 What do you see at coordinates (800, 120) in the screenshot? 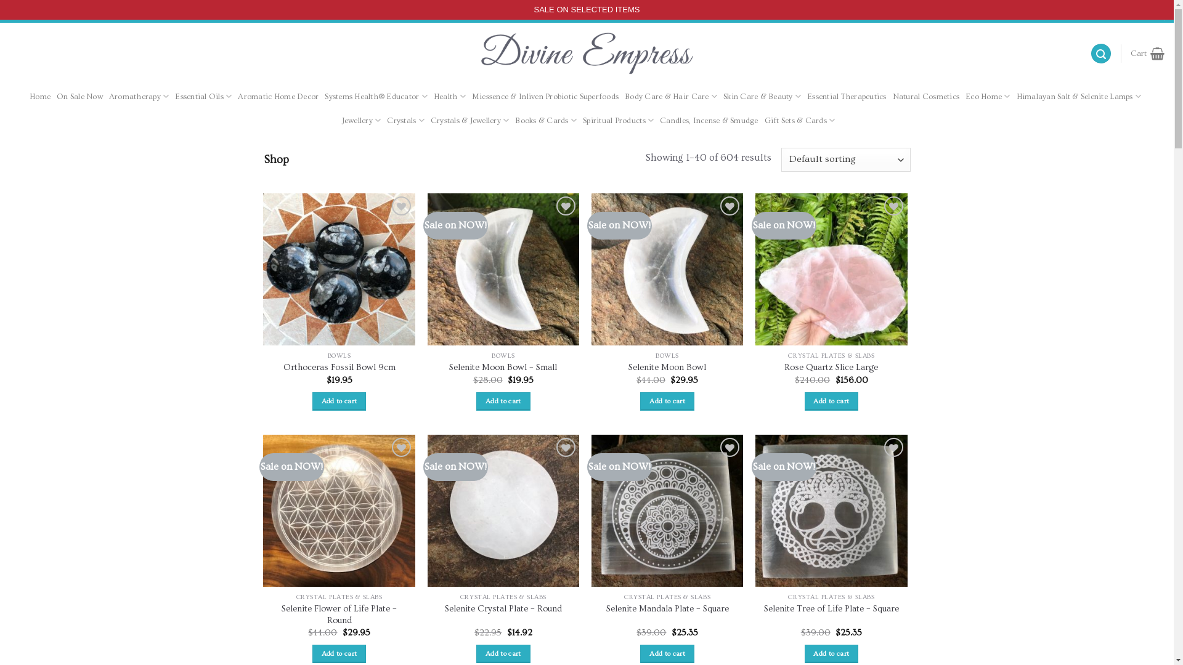
I see `'Gift Sets & Cards'` at bounding box center [800, 120].